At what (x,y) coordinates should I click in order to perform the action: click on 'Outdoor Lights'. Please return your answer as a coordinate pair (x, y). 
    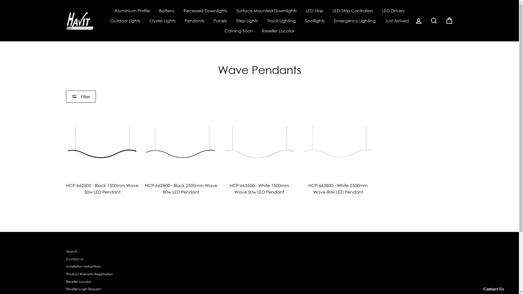
    Looking at the image, I should click on (125, 20).